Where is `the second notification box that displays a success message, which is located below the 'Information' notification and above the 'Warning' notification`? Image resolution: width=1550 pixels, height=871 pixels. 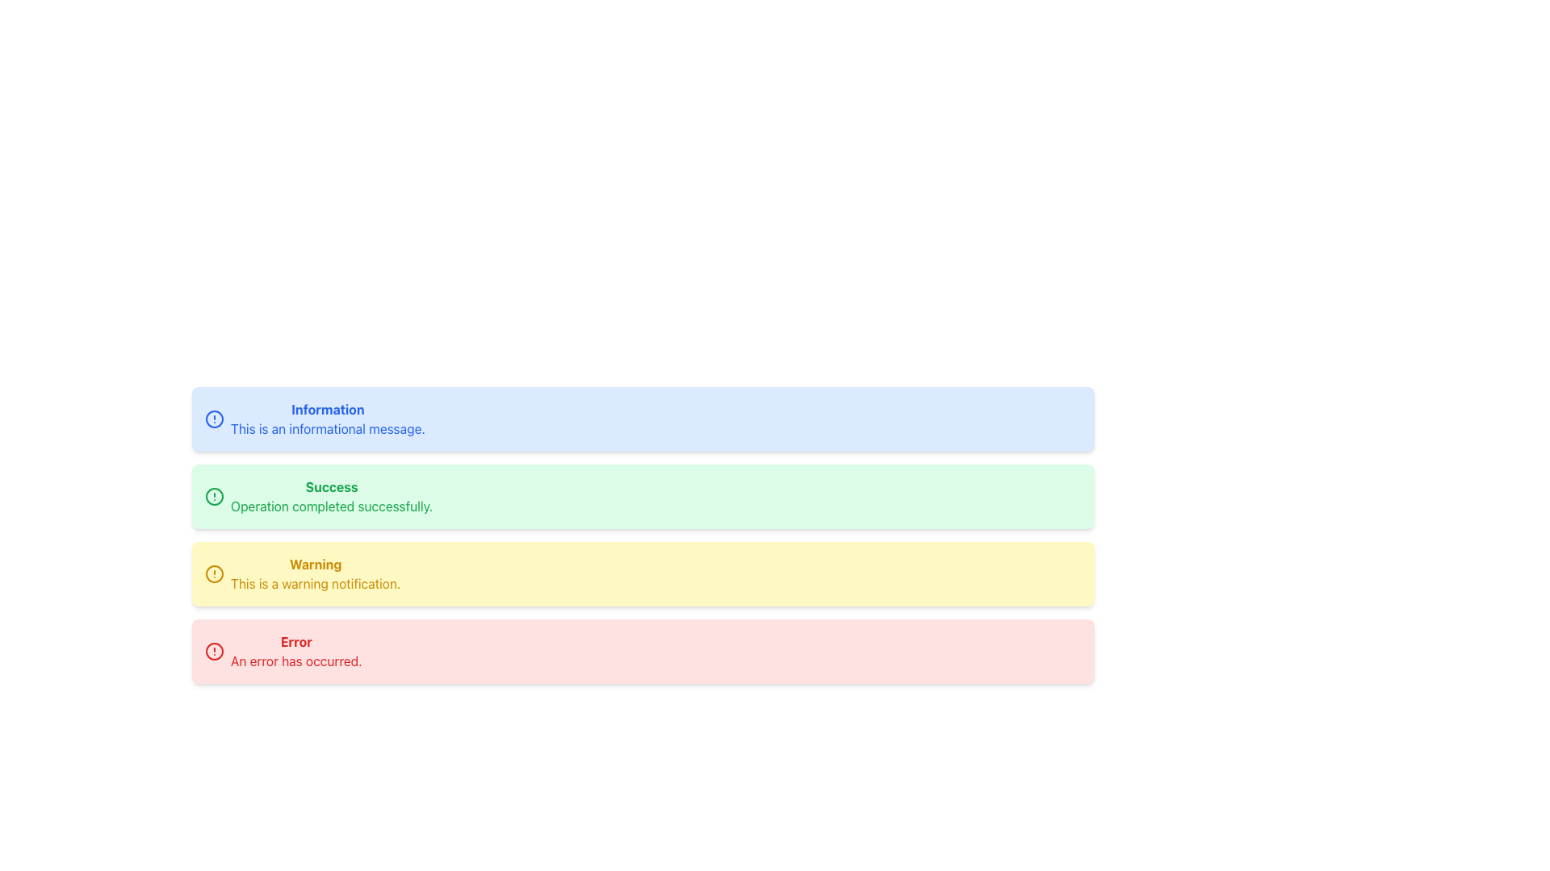 the second notification box that displays a success message, which is located below the 'Information' notification and above the 'Warning' notification is located at coordinates (642, 496).